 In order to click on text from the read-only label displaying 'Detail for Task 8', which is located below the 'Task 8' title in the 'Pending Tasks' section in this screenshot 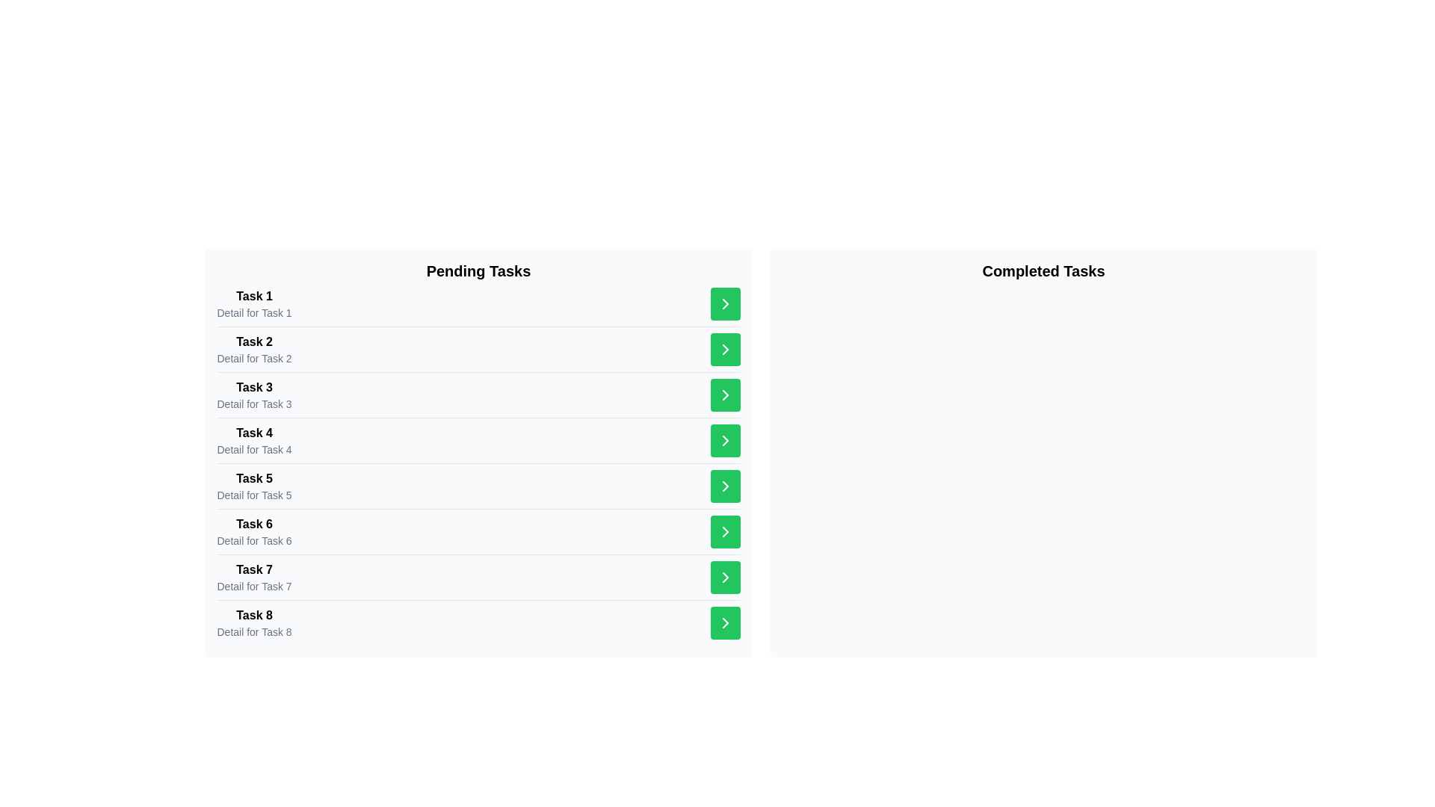, I will do `click(254, 631)`.